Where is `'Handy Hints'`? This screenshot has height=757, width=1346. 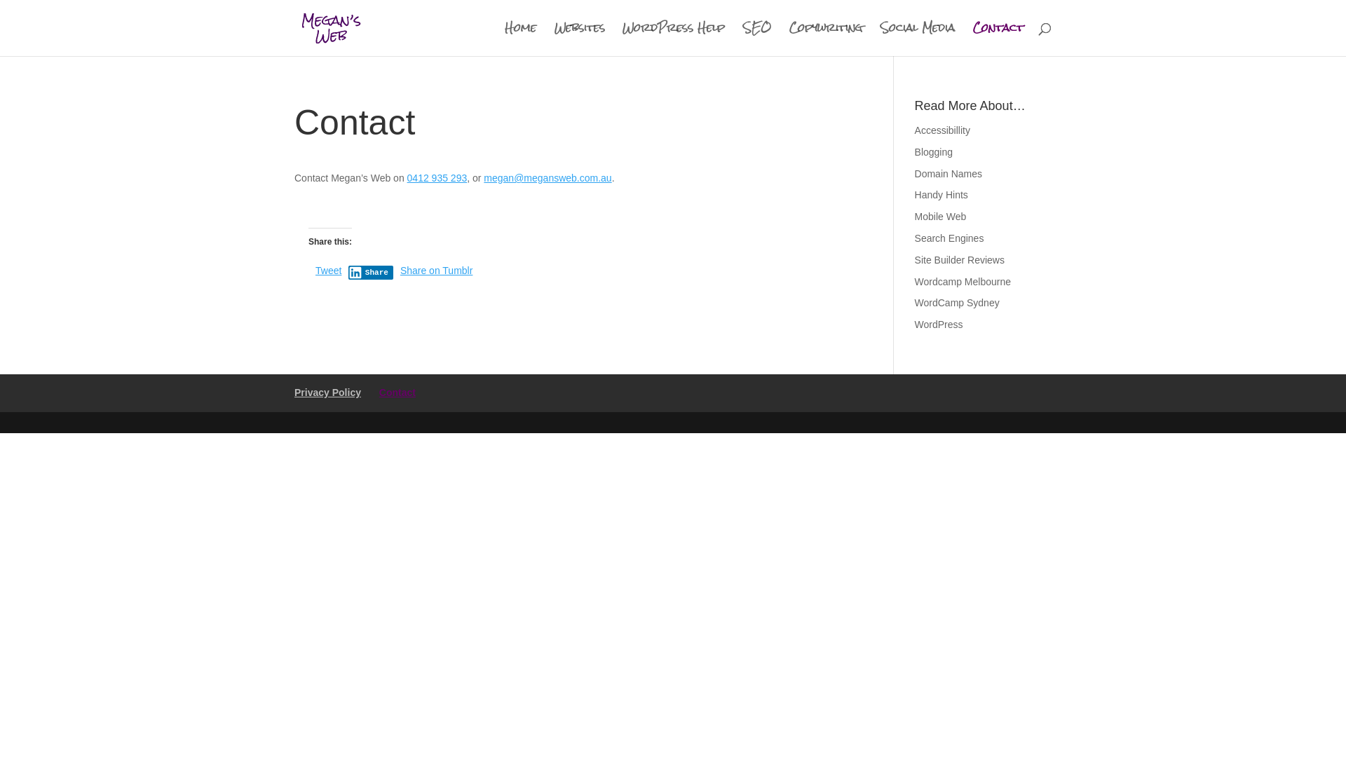 'Handy Hints' is located at coordinates (941, 194).